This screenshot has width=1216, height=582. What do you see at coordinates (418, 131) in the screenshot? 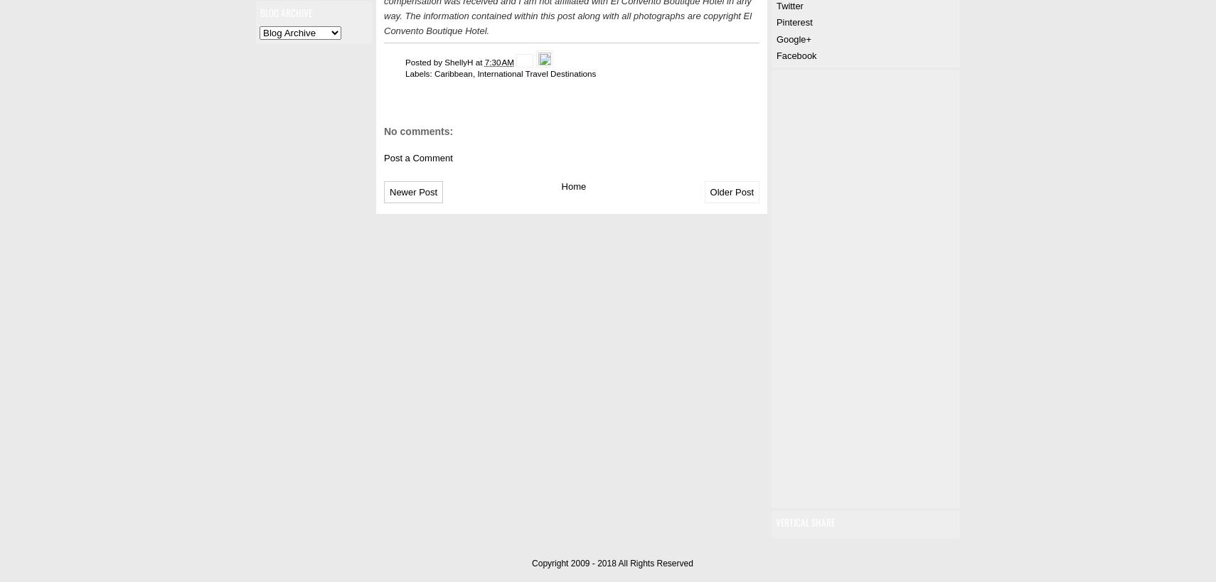
I see `'No comments:'` at bounding box center [418, 131].